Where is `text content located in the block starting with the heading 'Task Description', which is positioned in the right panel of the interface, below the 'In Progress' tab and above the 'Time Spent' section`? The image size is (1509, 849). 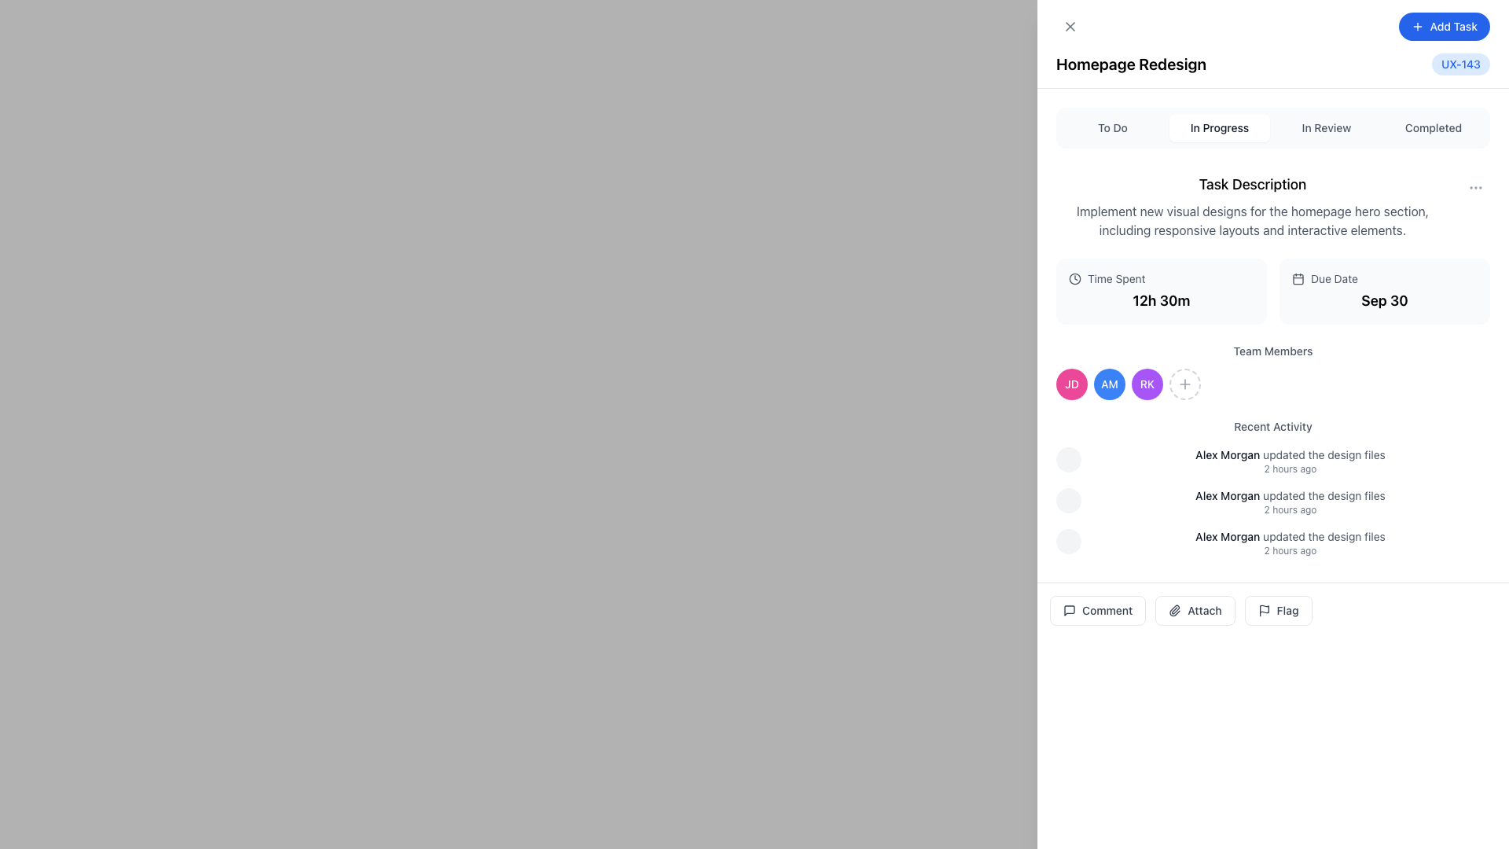
text content located in the block starting with the heading 'Task Description', which is positioned in the right panel of the interface, below the 'In Progress' tab and above the 'Time Spent' section is located at coordinates (1251, 205).